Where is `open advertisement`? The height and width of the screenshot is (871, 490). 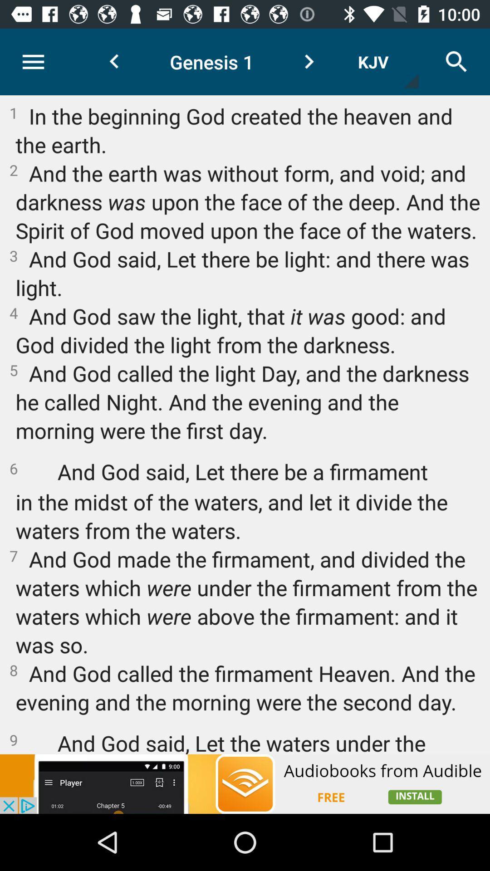 open advertisement is located at coordinates (245, 783).